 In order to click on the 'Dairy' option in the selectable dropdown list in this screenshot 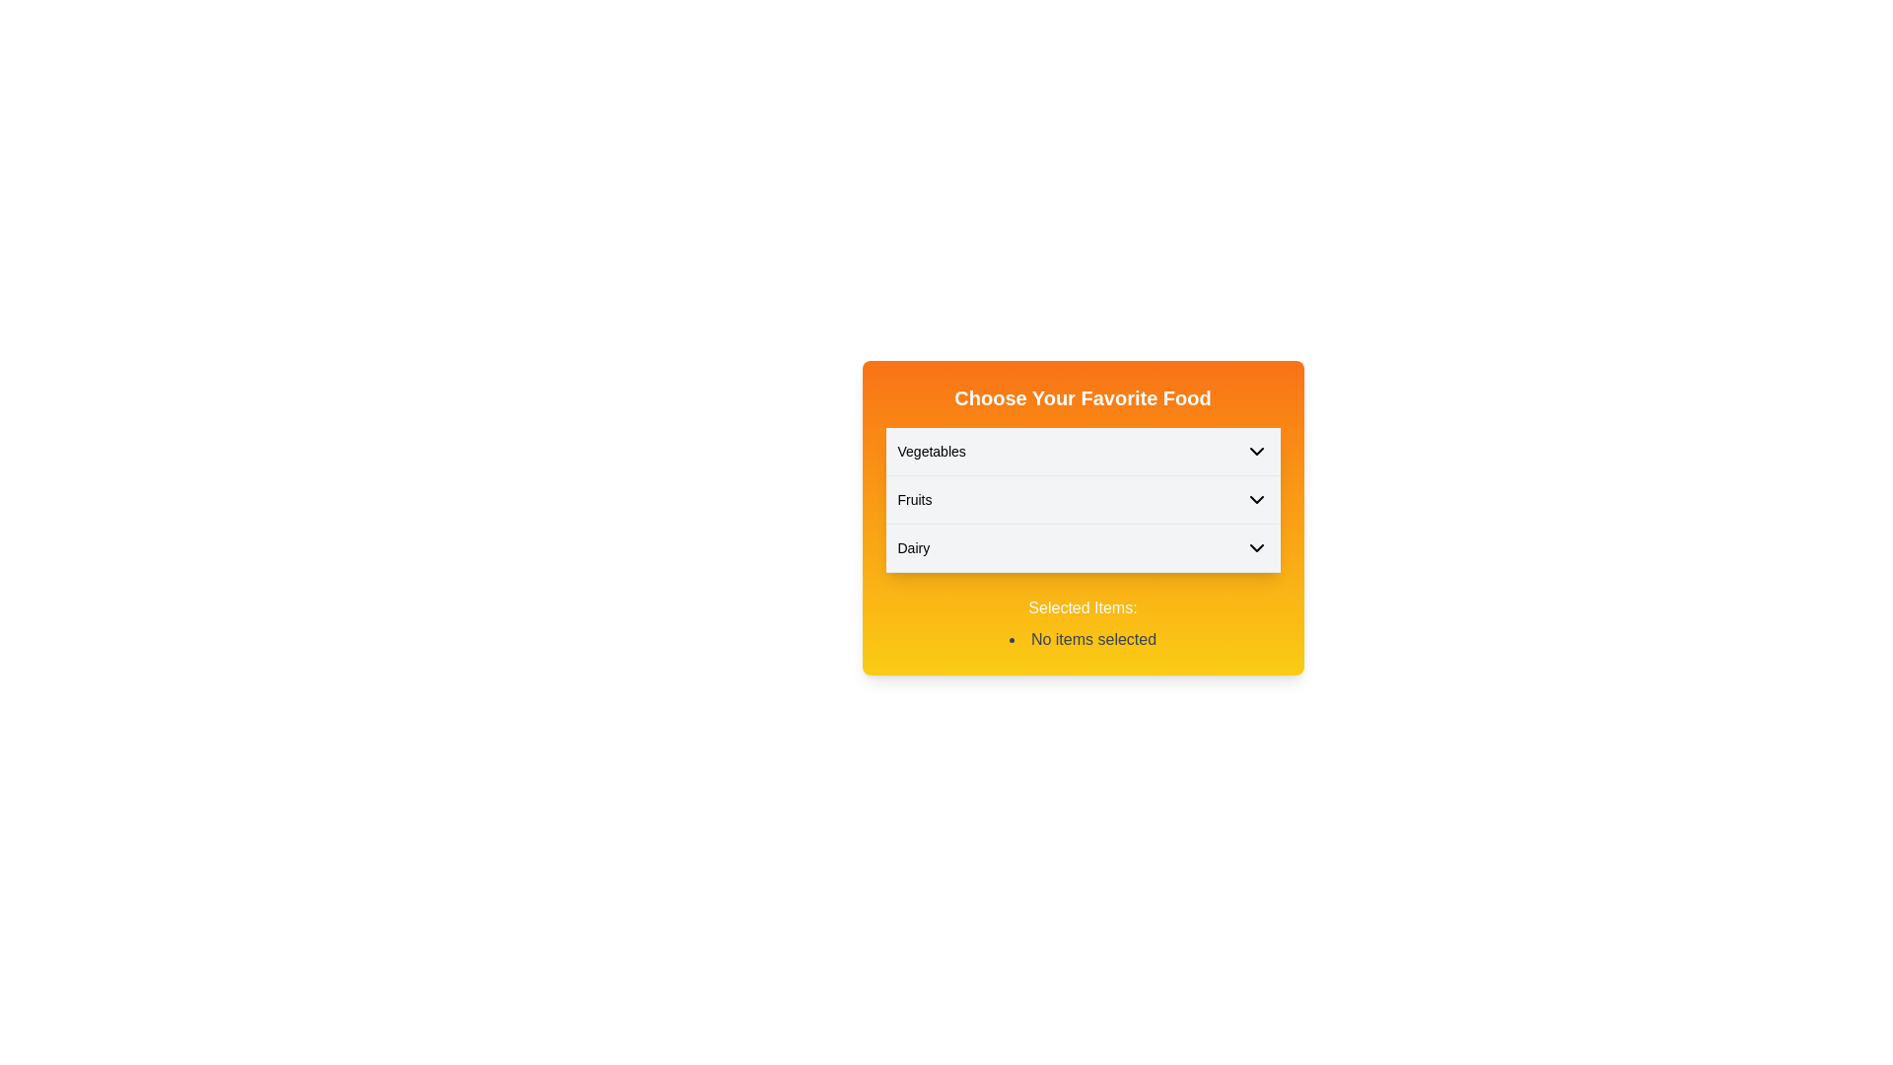, I will do `click(1082, 547)`.